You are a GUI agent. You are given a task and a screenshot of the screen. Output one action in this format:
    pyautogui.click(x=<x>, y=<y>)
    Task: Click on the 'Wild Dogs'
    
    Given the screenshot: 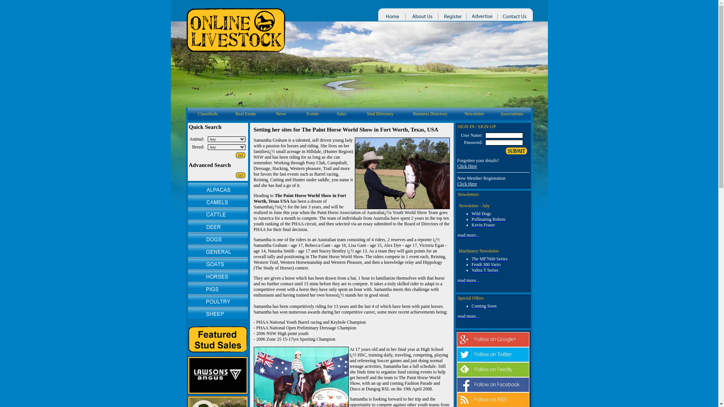 What is the action you would take?
    pyautogui.click(x=481, y=214)
    